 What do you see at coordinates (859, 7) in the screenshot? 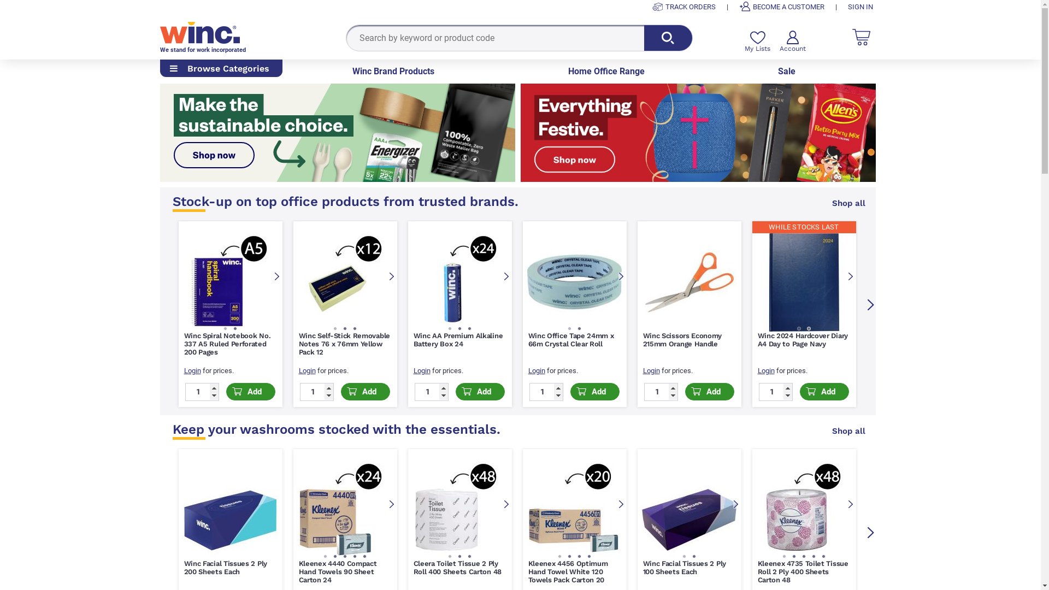
I see `'SIGN IN'` at bounding box center [859, 7].